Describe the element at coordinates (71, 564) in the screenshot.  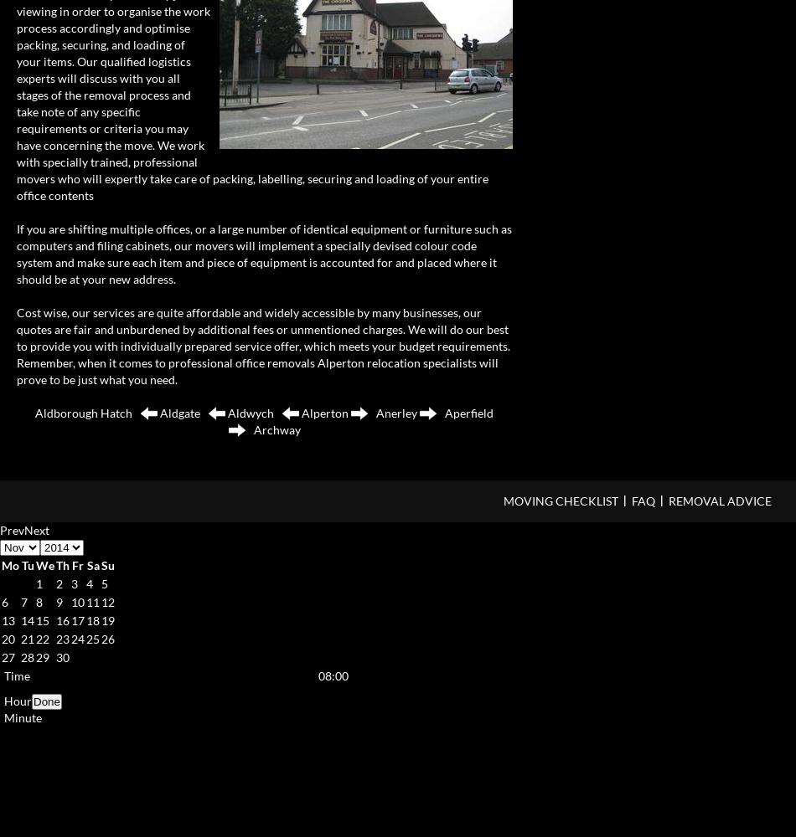
I see `'Fr'` at that location.